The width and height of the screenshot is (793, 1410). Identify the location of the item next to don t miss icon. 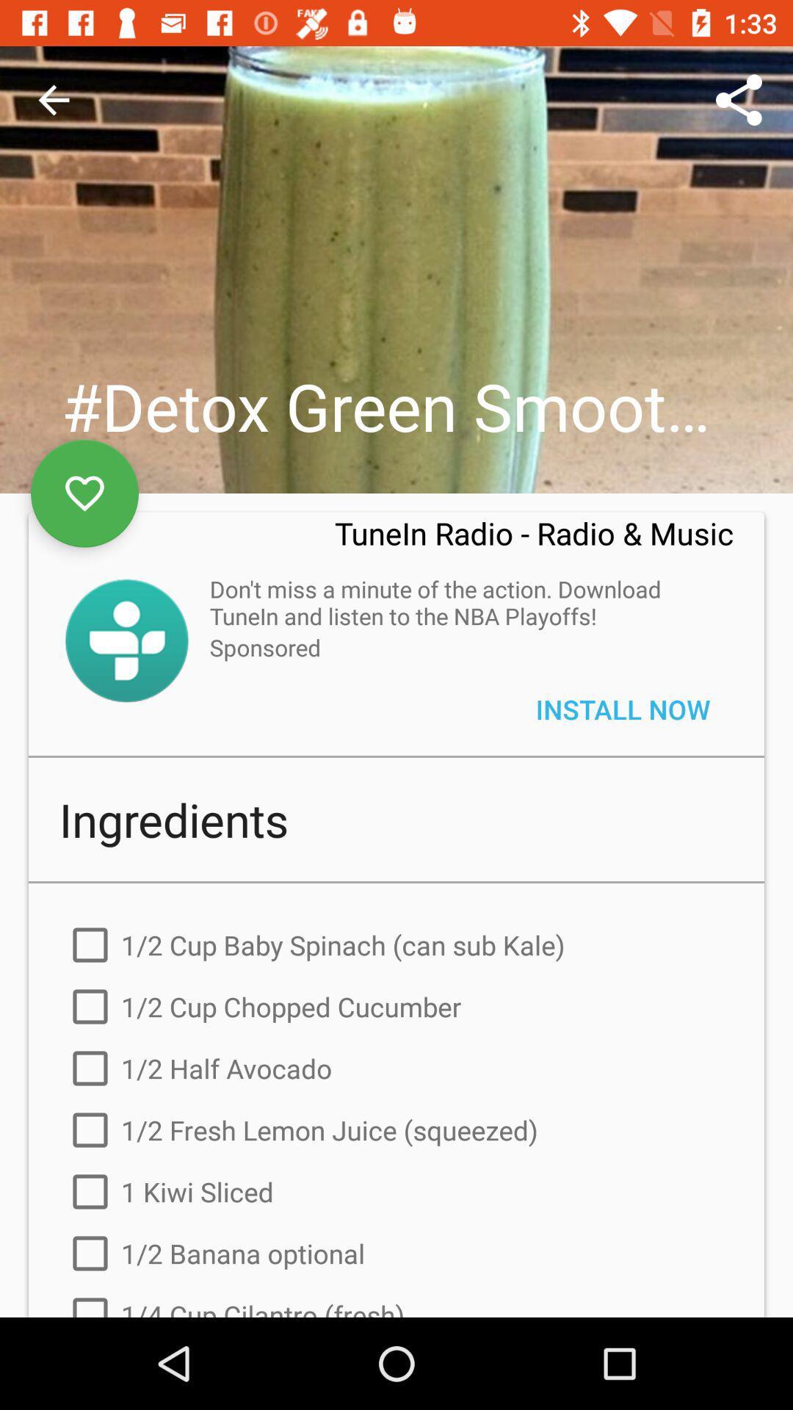
(126, 640).